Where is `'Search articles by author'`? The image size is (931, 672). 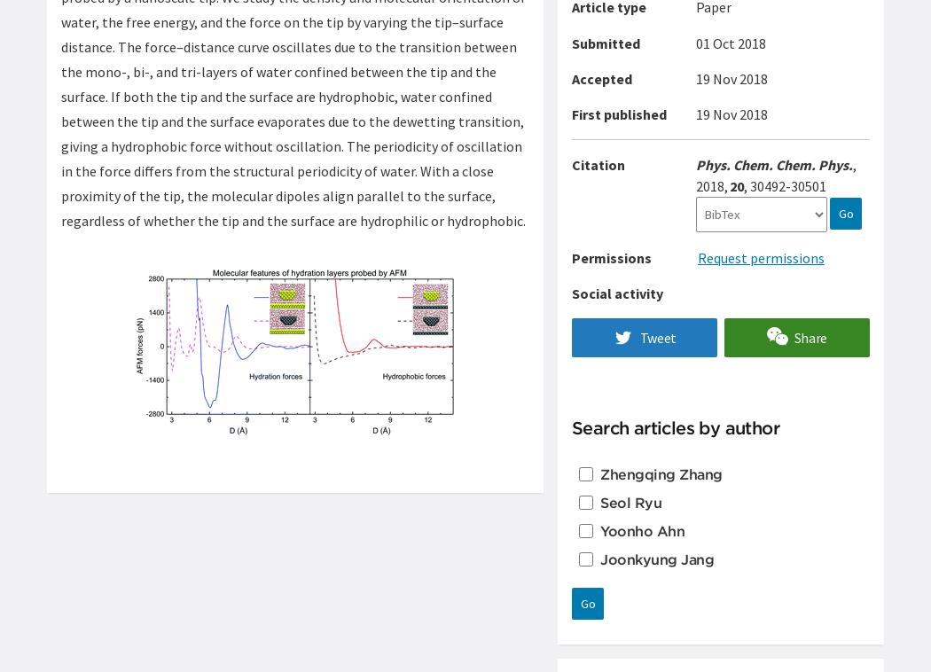
'Search articles by author' is located at coordinates (675, 426).